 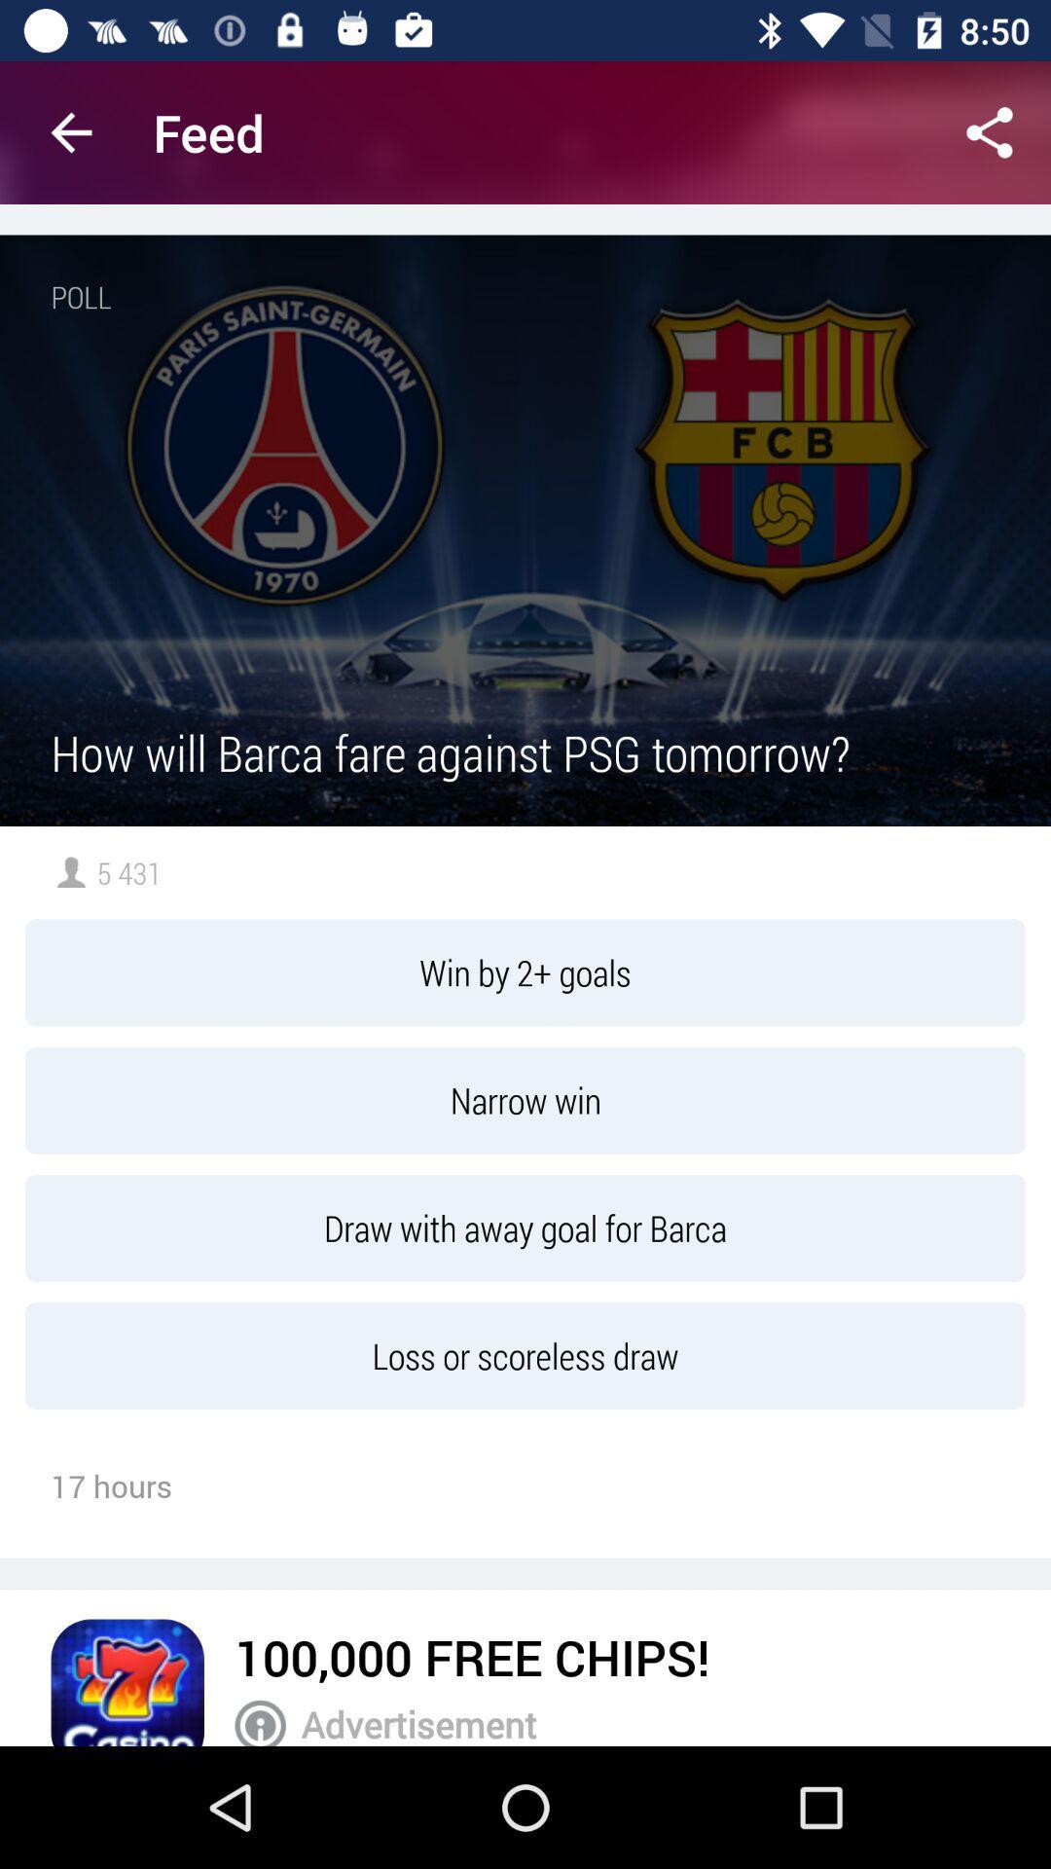 I want to click on item next to the feed app, so click(x=990, y=131).